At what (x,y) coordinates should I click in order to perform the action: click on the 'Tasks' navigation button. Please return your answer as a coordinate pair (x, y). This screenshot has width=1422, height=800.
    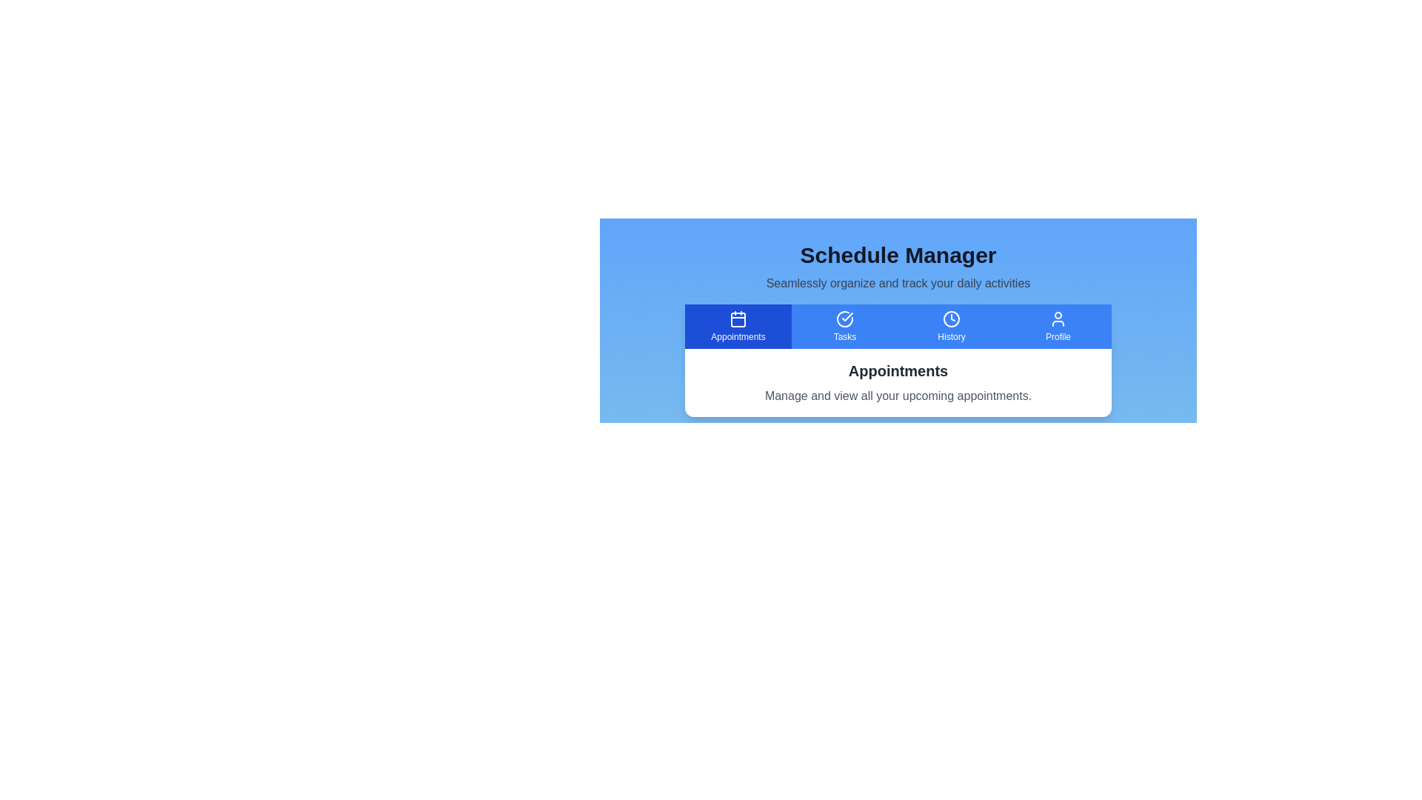
    Looking at the image, I should click on (845, 325).